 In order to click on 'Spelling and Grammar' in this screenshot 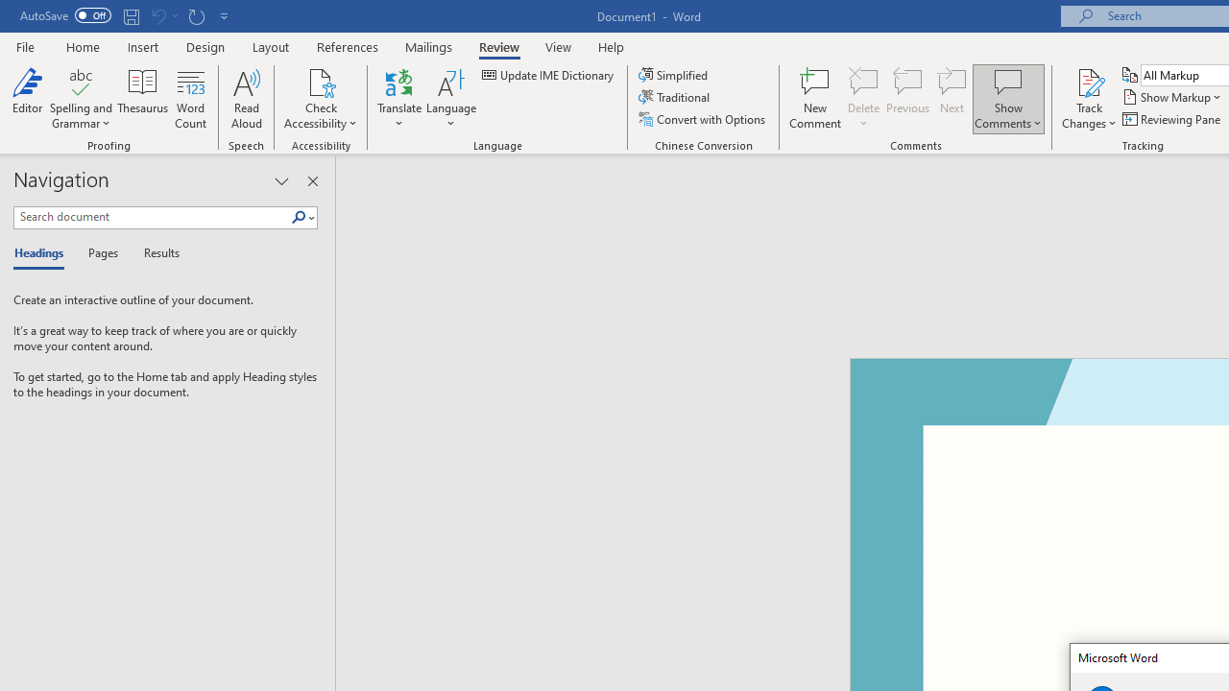, I will do `click(81, 81)`.